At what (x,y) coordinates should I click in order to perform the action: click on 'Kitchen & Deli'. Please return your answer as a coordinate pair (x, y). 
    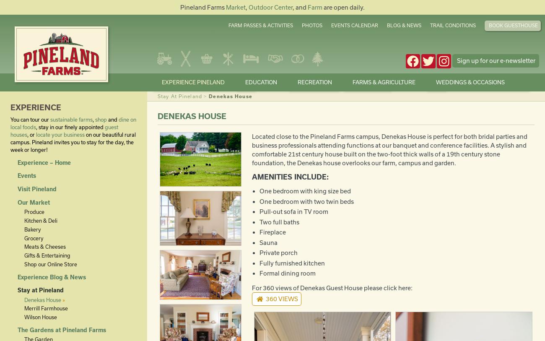
    Looking at the image, I should click on (40, 220).